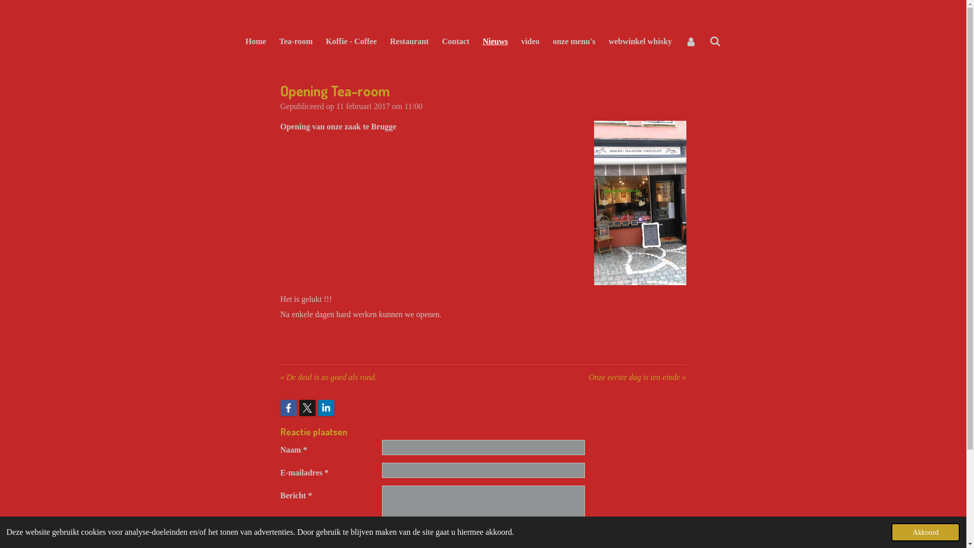 The width and height of the screenshot is (974, 548). I want to click on 'Tea-room', so click(296, 41).